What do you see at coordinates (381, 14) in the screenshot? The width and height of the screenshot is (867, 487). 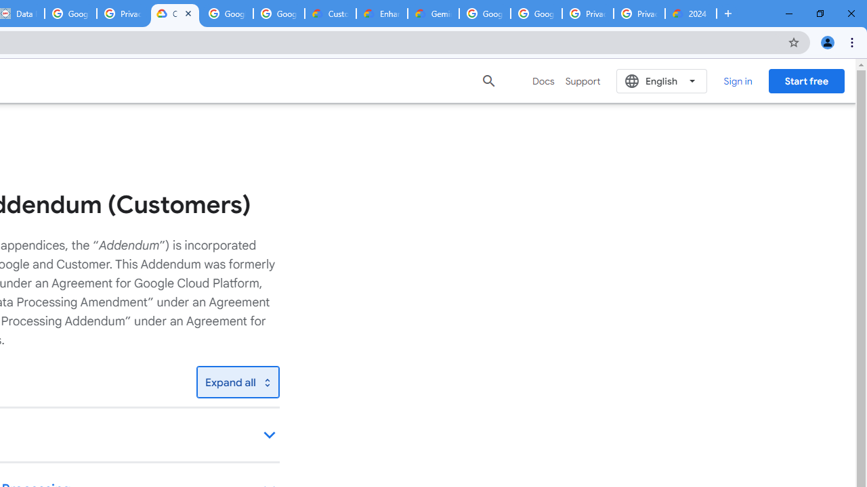 I see `'Enhanced Support | Google Cloud'` at bounding box center [381, 14].